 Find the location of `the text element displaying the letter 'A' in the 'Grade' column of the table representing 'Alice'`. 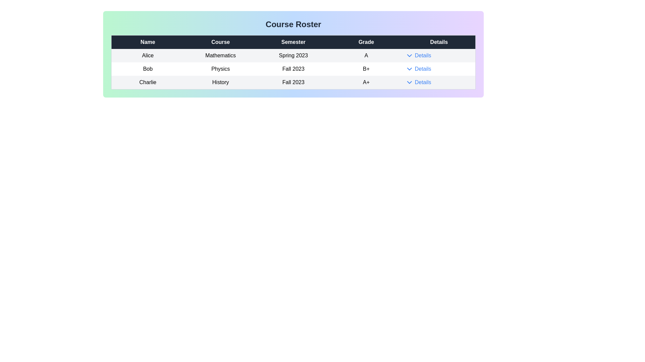

the text element displaying the letter 'A' in the 'Grade' column of the table representing 'Alice' is located at coordinates (366, 55).